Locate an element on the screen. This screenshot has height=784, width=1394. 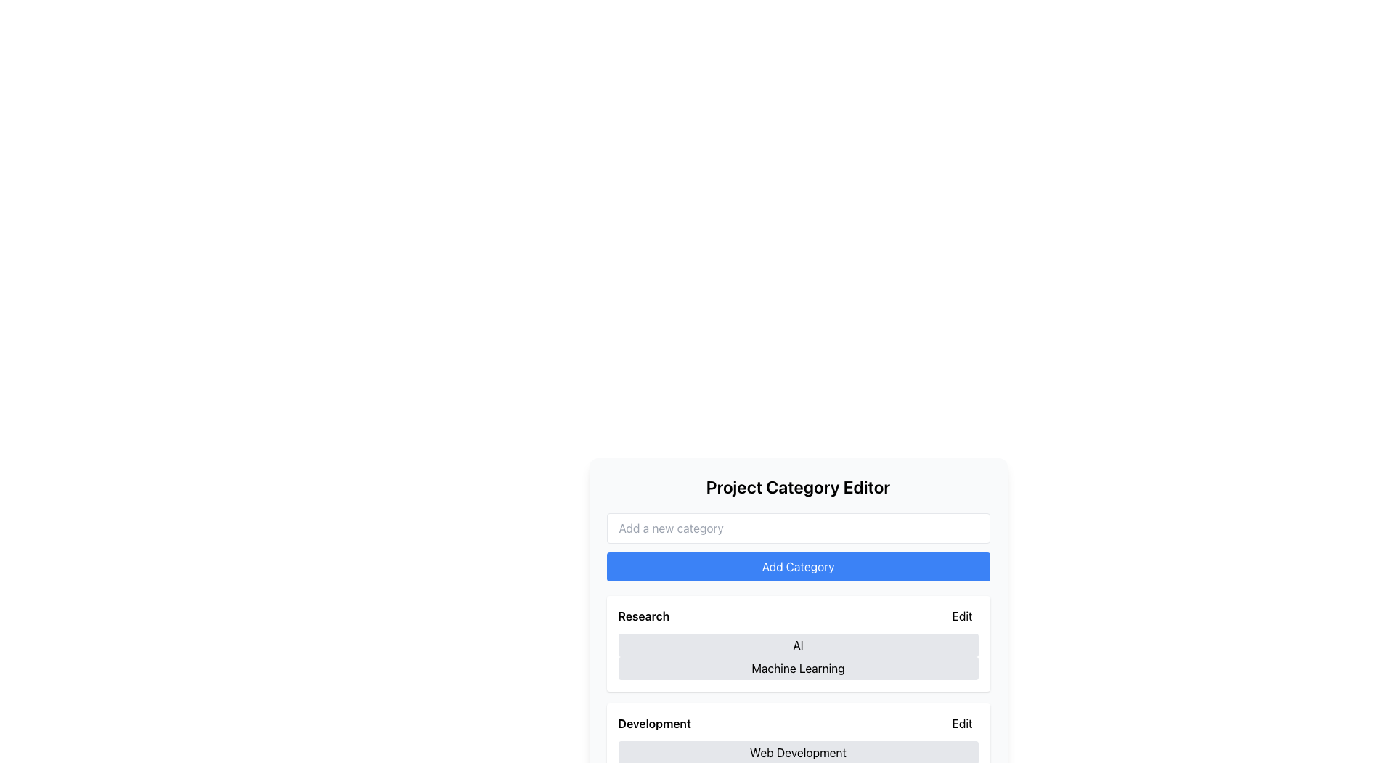
the Text group element displaying 'AI' and 'Machine Learning' which is located under the heading 'Research' and adjacent to 'Edit' is located at coordinates (797, 657).